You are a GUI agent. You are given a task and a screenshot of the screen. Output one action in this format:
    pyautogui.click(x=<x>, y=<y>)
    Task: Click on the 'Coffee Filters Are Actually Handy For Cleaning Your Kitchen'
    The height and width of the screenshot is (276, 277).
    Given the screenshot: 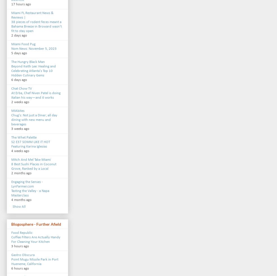 What is the action you would take?
    pyautogui.click(x=11, y=239)
    